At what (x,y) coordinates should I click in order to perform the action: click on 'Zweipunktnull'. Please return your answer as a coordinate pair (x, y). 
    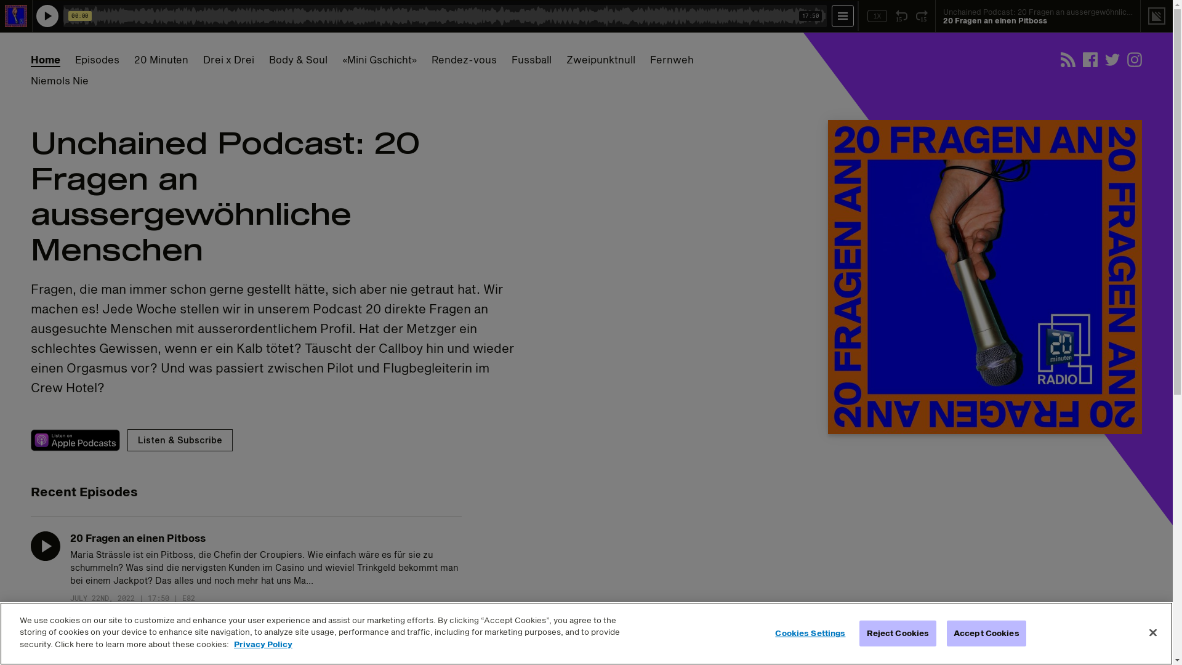
    Looking at the image, I should click on (600, 59).